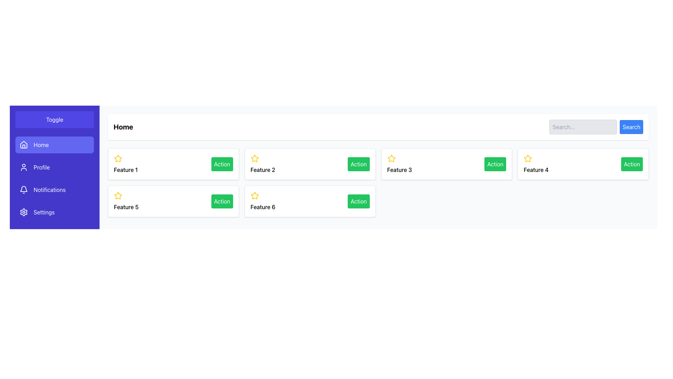  I want to click on the yellow star icon on the left side of the box labeled 'Feature 6' to get additional information or highlight it, so click(254, 196).